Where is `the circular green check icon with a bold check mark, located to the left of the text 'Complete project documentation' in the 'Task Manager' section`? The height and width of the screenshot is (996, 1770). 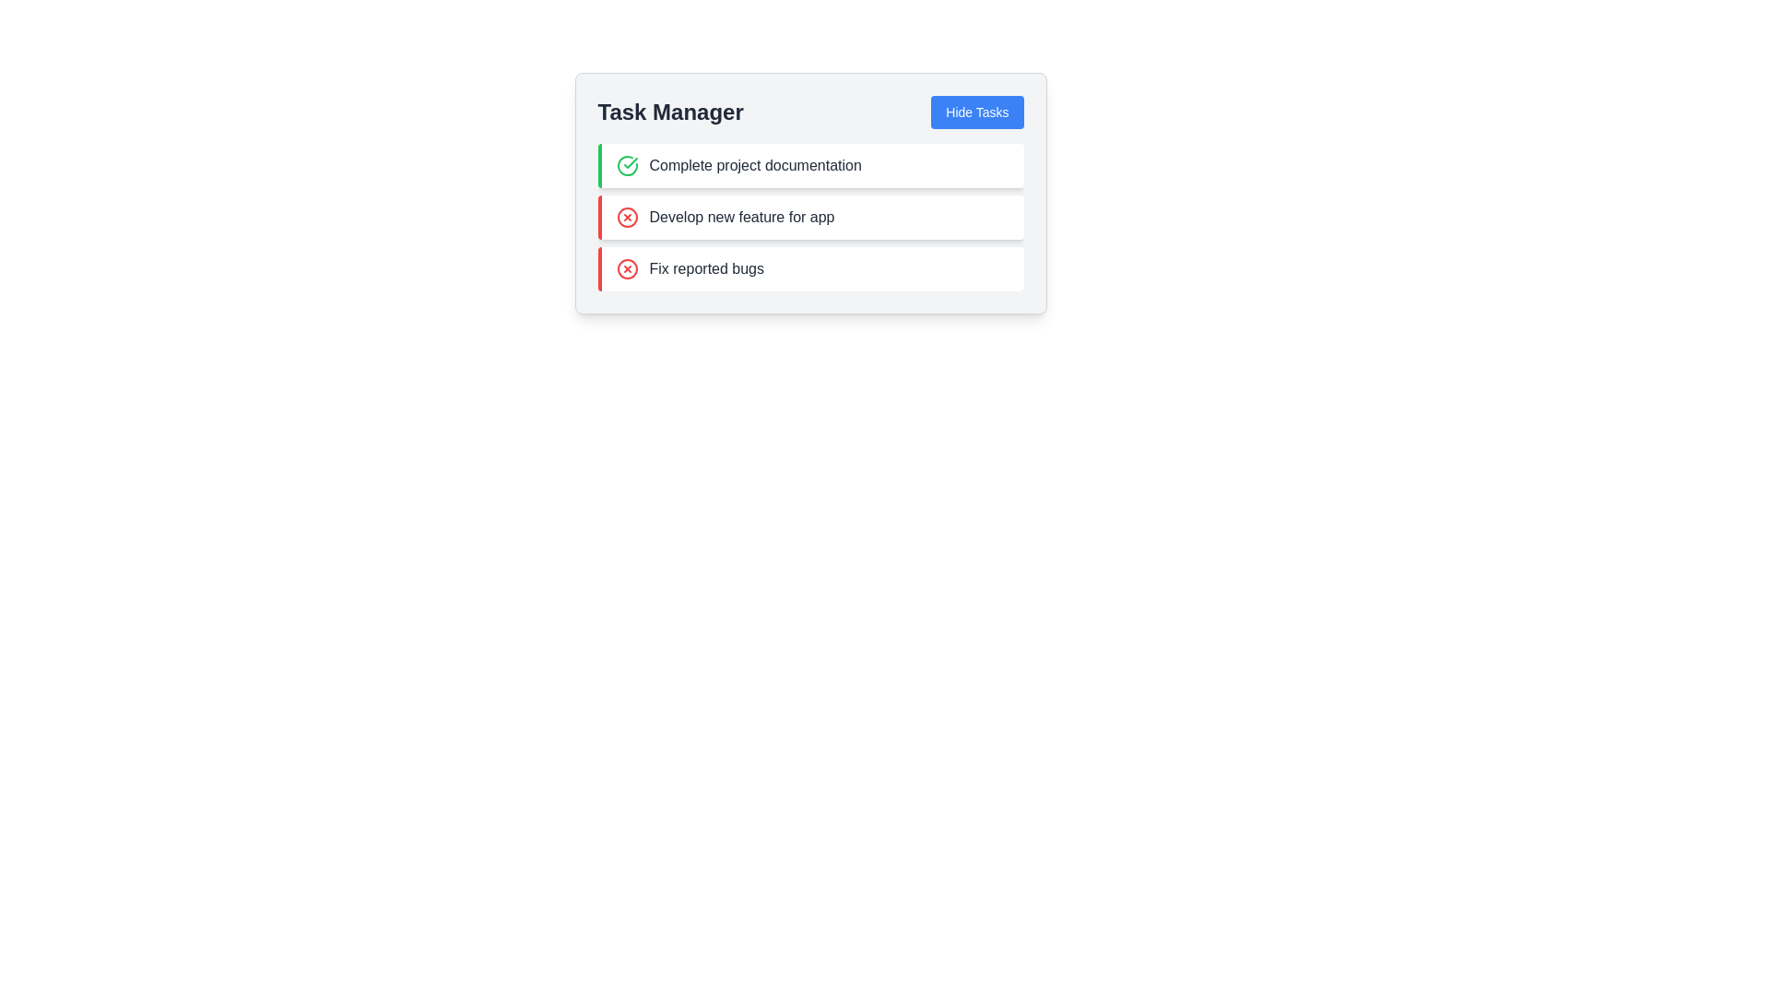
the circular green check icon with a bold check mark, located to the left of the text 'Complete project documentation' in the 'Task Manager' section is located at coordinates (627, 166).